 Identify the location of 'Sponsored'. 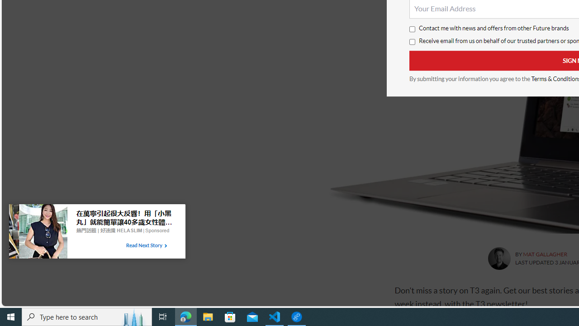
(157, 230).